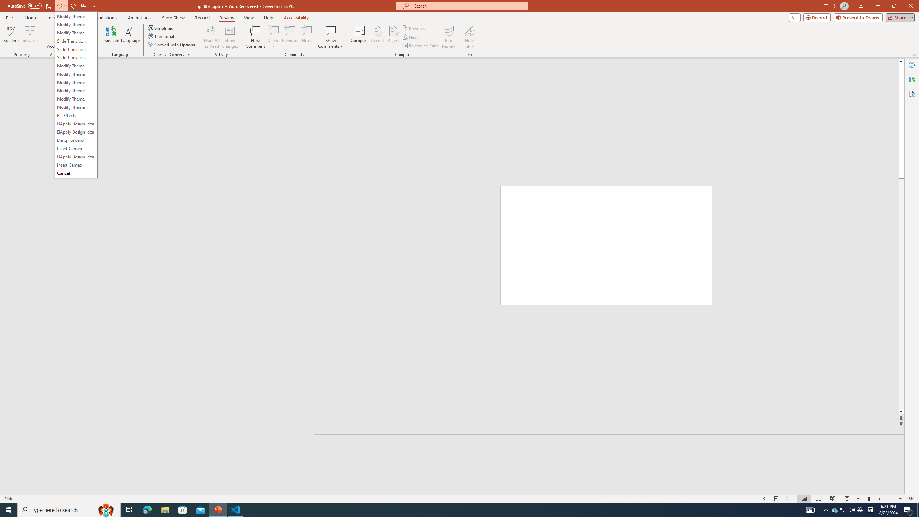 Image resolution: width=919 pixels, height=517 pixels. Describe the element at coordinates (331, 30) in the screenshot. I see `'Show Comments'` at that location.